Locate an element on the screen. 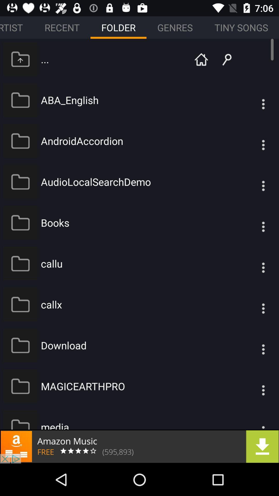 The image size is (279, 496). home is located at coordinates (201, 59).